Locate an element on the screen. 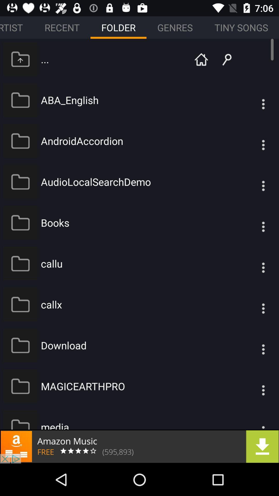 The image size is (279, 496). home is located at coordinates (201, 59).